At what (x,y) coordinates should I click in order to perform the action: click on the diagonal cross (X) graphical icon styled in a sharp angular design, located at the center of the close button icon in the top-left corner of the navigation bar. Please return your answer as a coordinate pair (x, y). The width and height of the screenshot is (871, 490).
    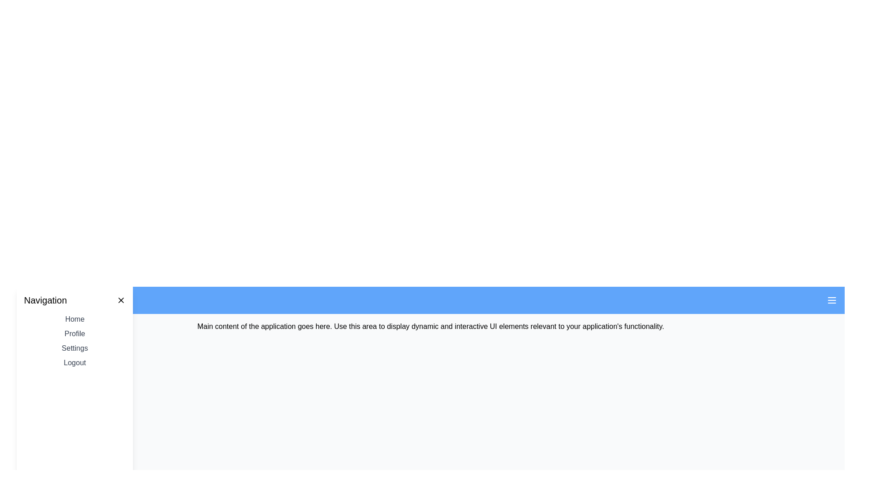
    Looking at the image, I should click on (121, 300).